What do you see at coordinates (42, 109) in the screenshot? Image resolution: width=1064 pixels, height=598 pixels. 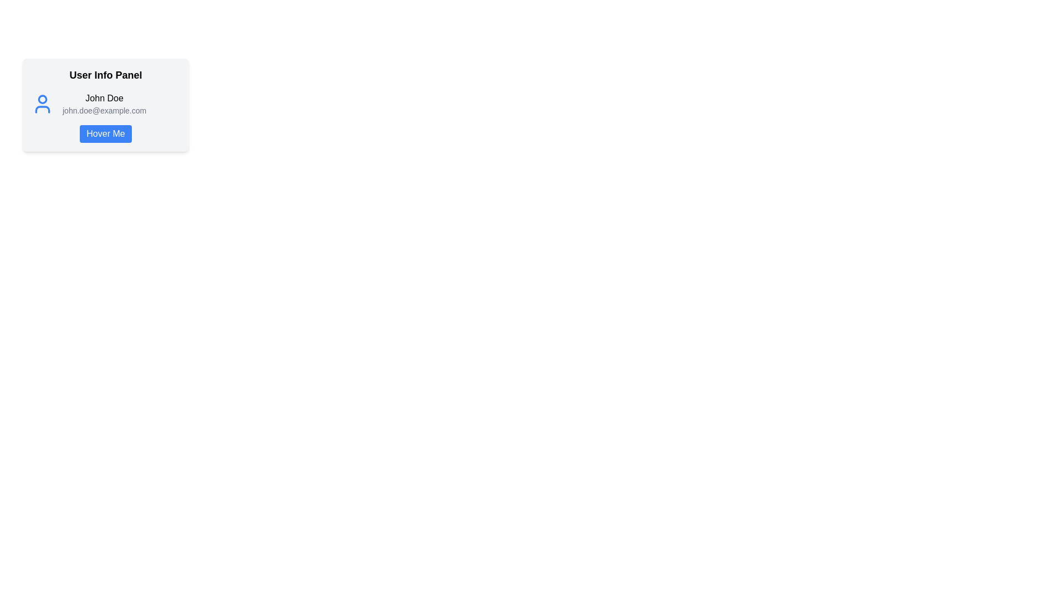 I see `lower rectangular section of the user avatar icon, which represents the user's body, for design specifics` at bounding box center [42, 109].